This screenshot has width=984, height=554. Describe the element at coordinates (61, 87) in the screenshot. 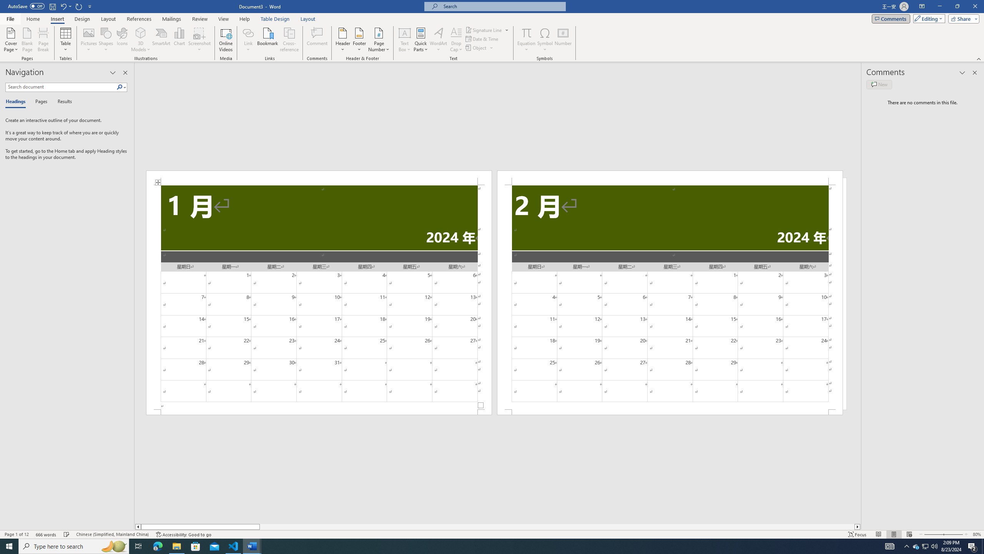

I see `'Search document'` at that location.